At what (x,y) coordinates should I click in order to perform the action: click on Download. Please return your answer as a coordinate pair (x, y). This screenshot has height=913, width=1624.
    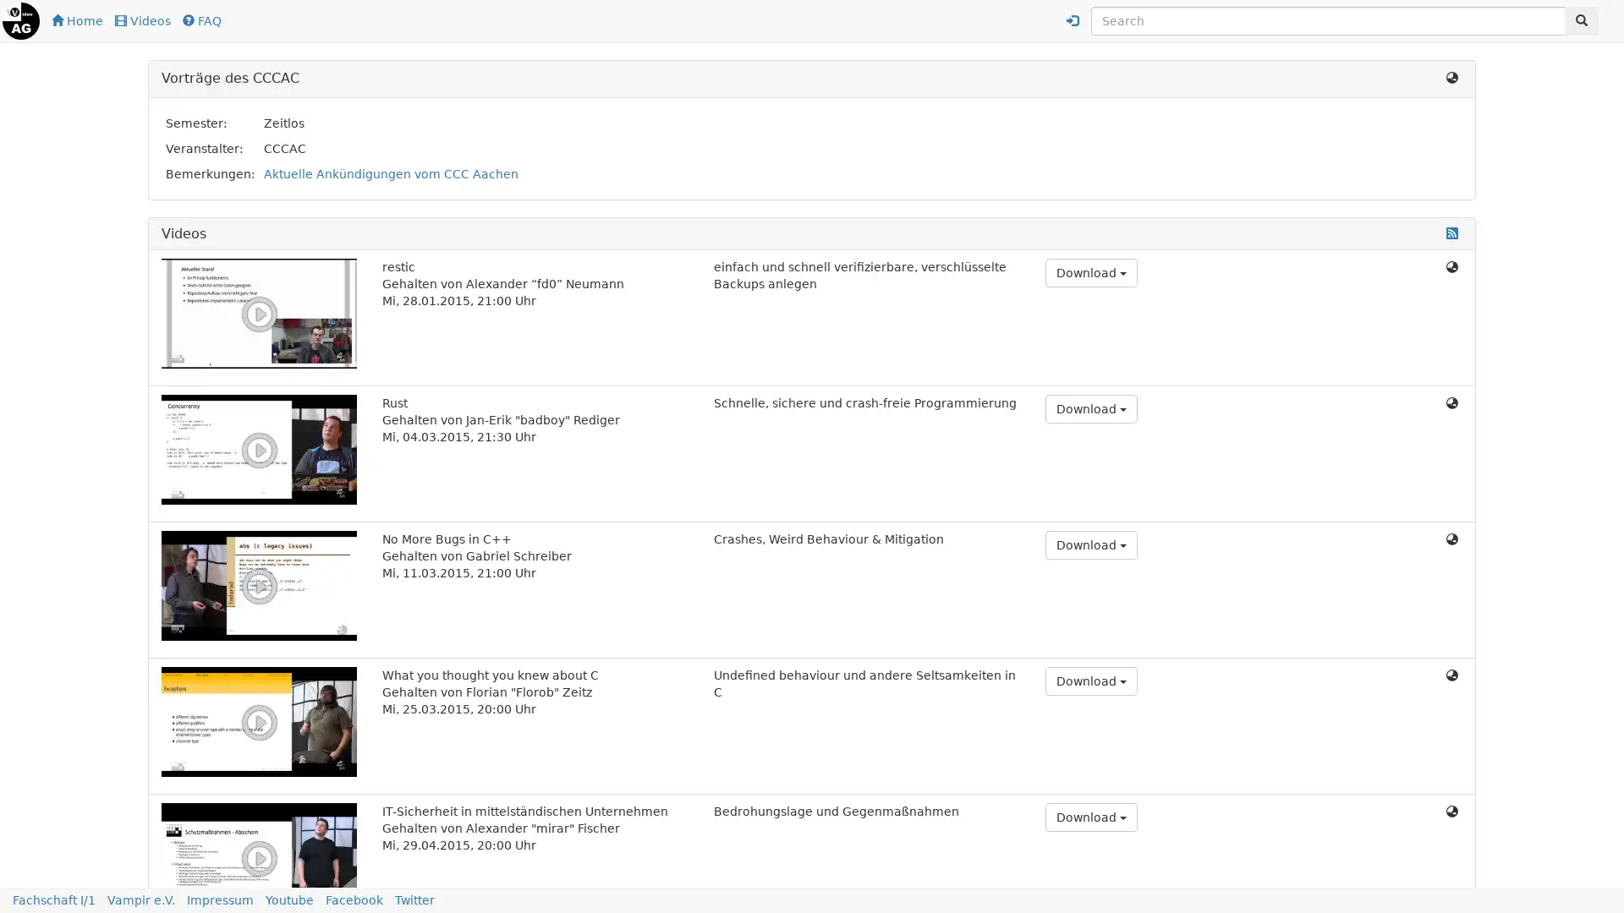
    Looking at the image, I should click on (1091, 408).